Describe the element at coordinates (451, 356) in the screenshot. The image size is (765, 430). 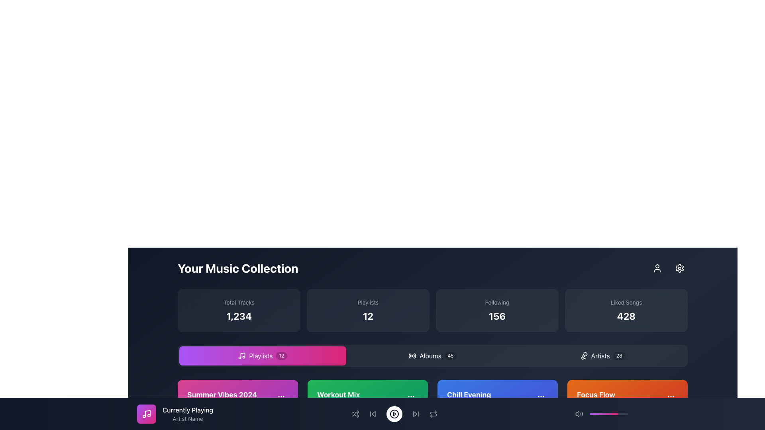
I see `the Badge element indicating the total number of albums in the Albums section, positioned to the right of the Albums text label` at that location.